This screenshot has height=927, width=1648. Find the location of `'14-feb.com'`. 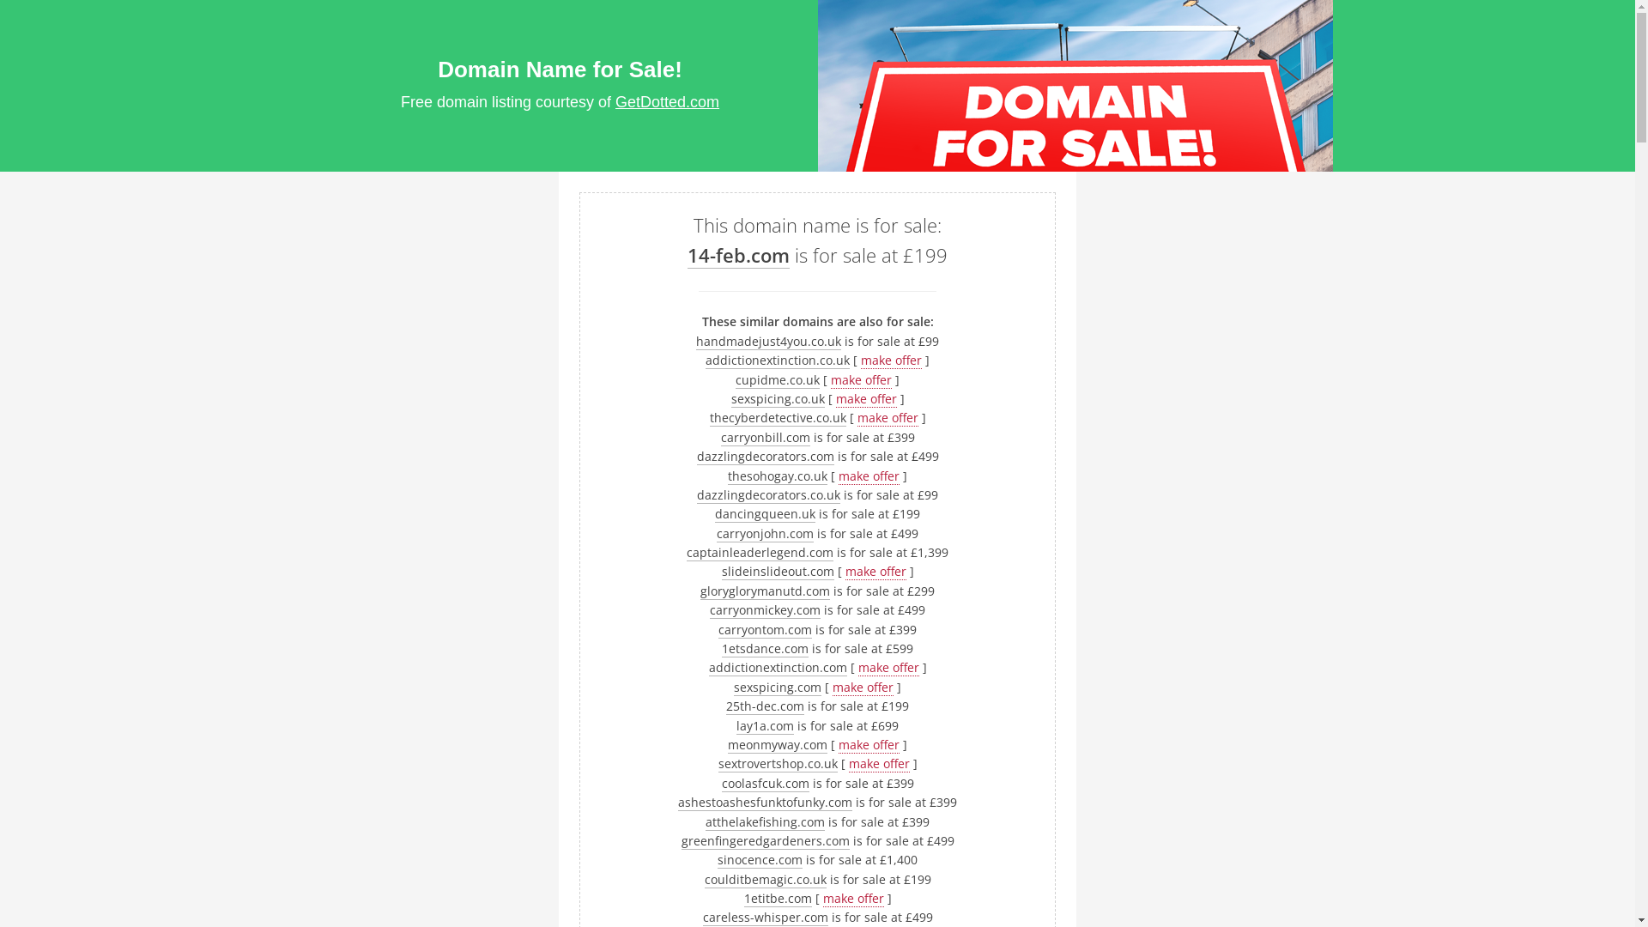

'14-feb.com' is located at coordinates (688, 255).